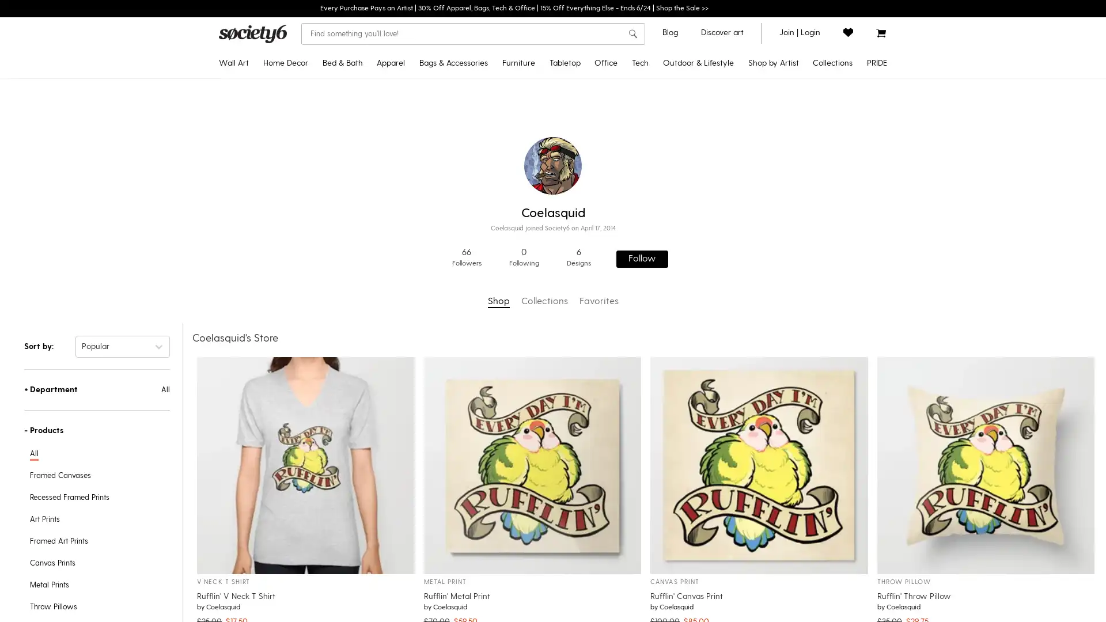 The image size is (1106, 622). Describe the element at coordinates (586, 147) in the screenshot. I see `Table Runners` at that location.